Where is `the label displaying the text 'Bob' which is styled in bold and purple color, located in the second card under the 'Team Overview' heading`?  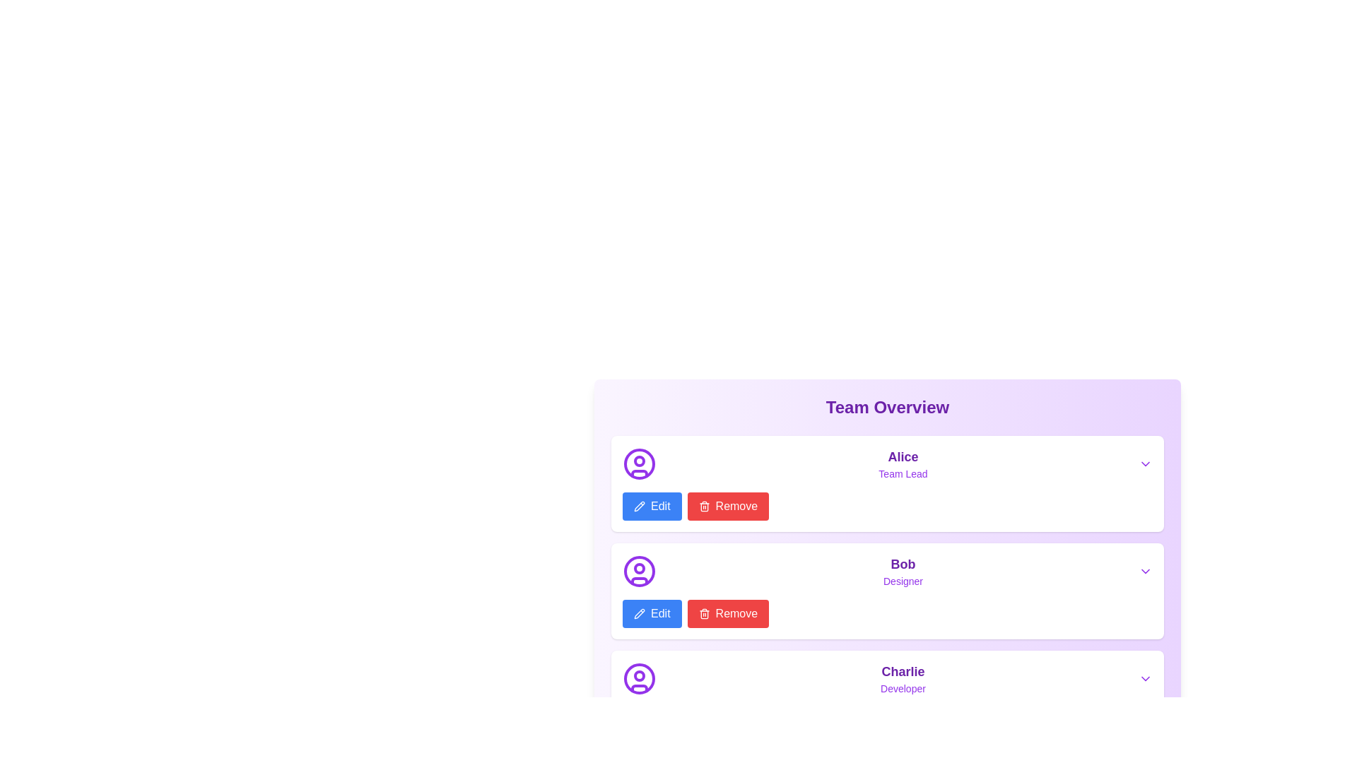
the label displaying the text 'Bob' which is styled in bold and purple color, located in the second card under the 'Team Overview' heading is located at coordinates (902, 563).